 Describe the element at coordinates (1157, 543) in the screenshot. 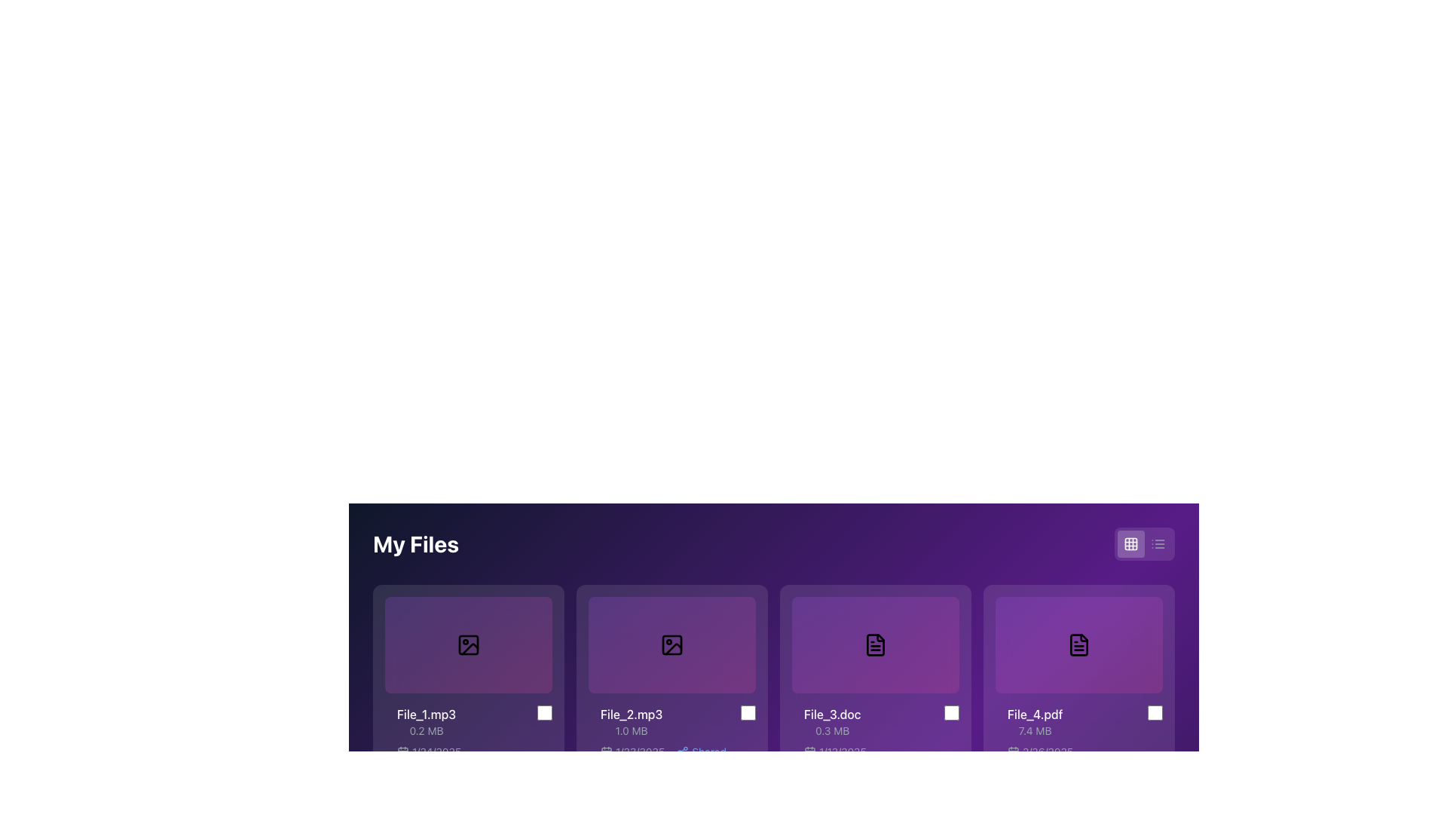

I see `the rounded gray button with a list view icon, located at the top-right corner of the section` at that location.